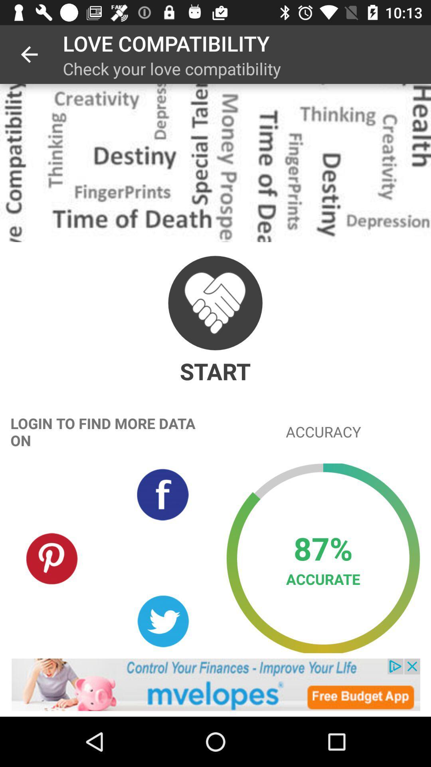  I want to click on start button, so click(215, 302).